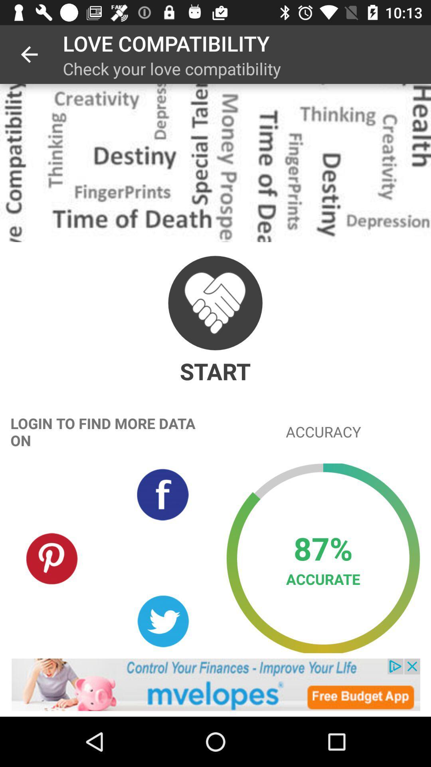  I want to click on start button, so click(215, 302).